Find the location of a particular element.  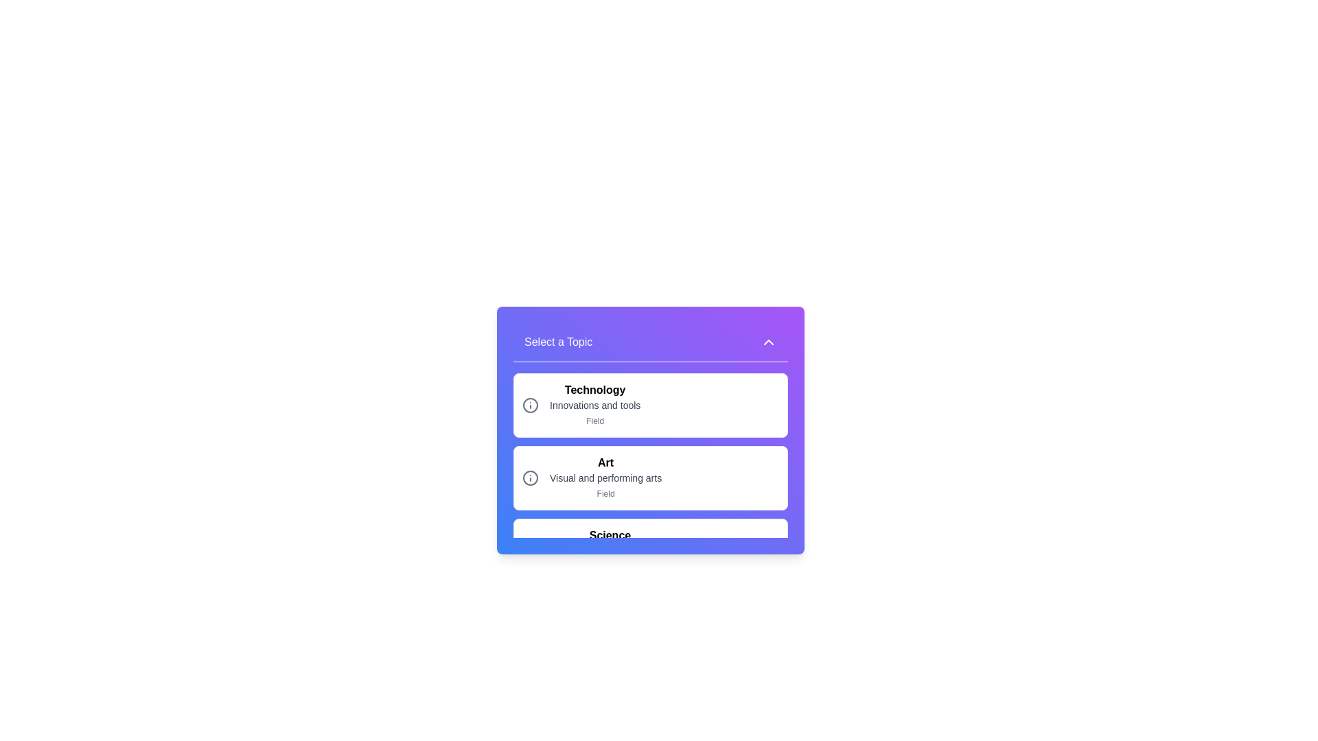

the second card labeled 'Art' in the category selection is located at coordinates (650, 478).